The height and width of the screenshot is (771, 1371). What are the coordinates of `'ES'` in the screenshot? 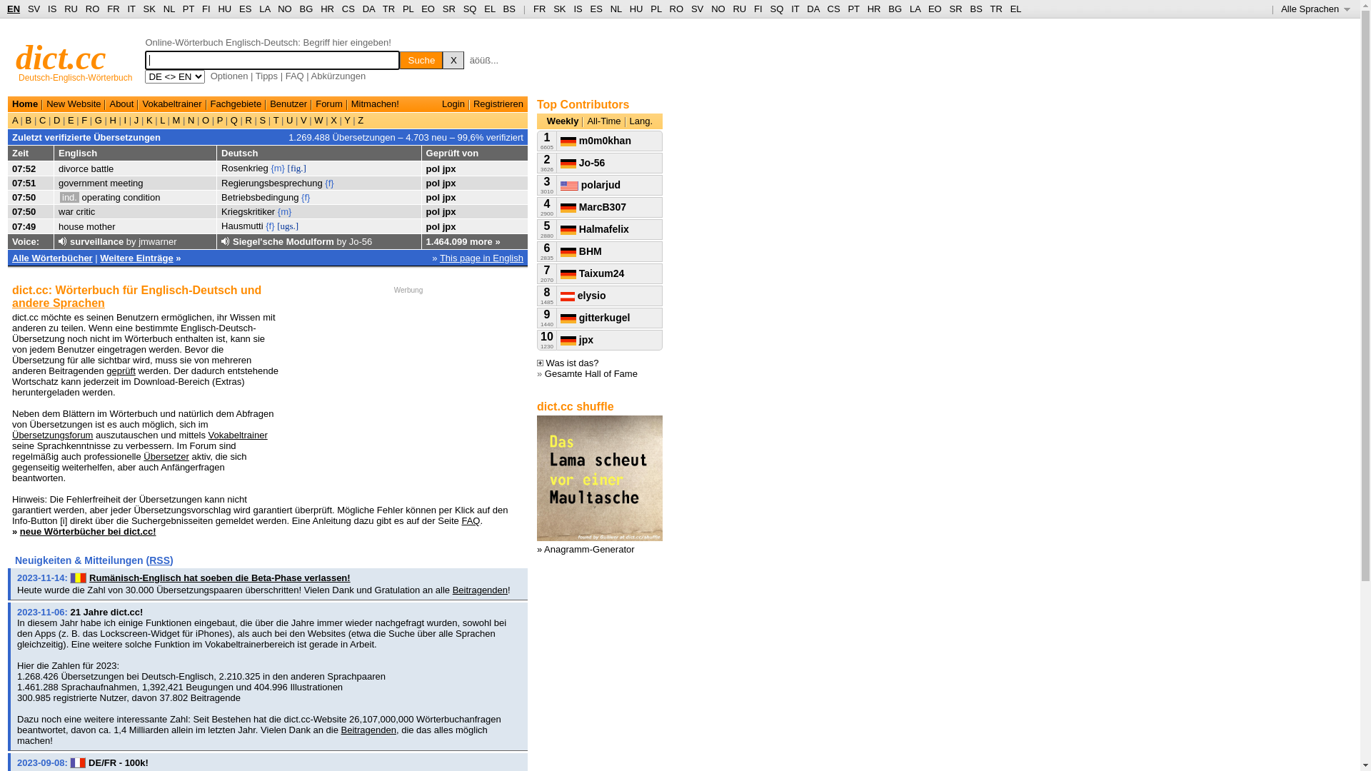 It's located at (245, 9).